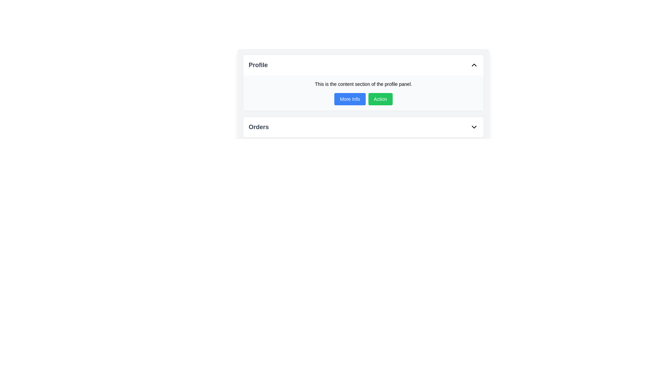 This screenshot has height=368, width=655. What do you see at coordinates (363, 93) in the screenshot?
I see `the buttons inside the 'Profile' section's content area, which includes 'More Info' and 'Action'` at bounding box center [363, 93].